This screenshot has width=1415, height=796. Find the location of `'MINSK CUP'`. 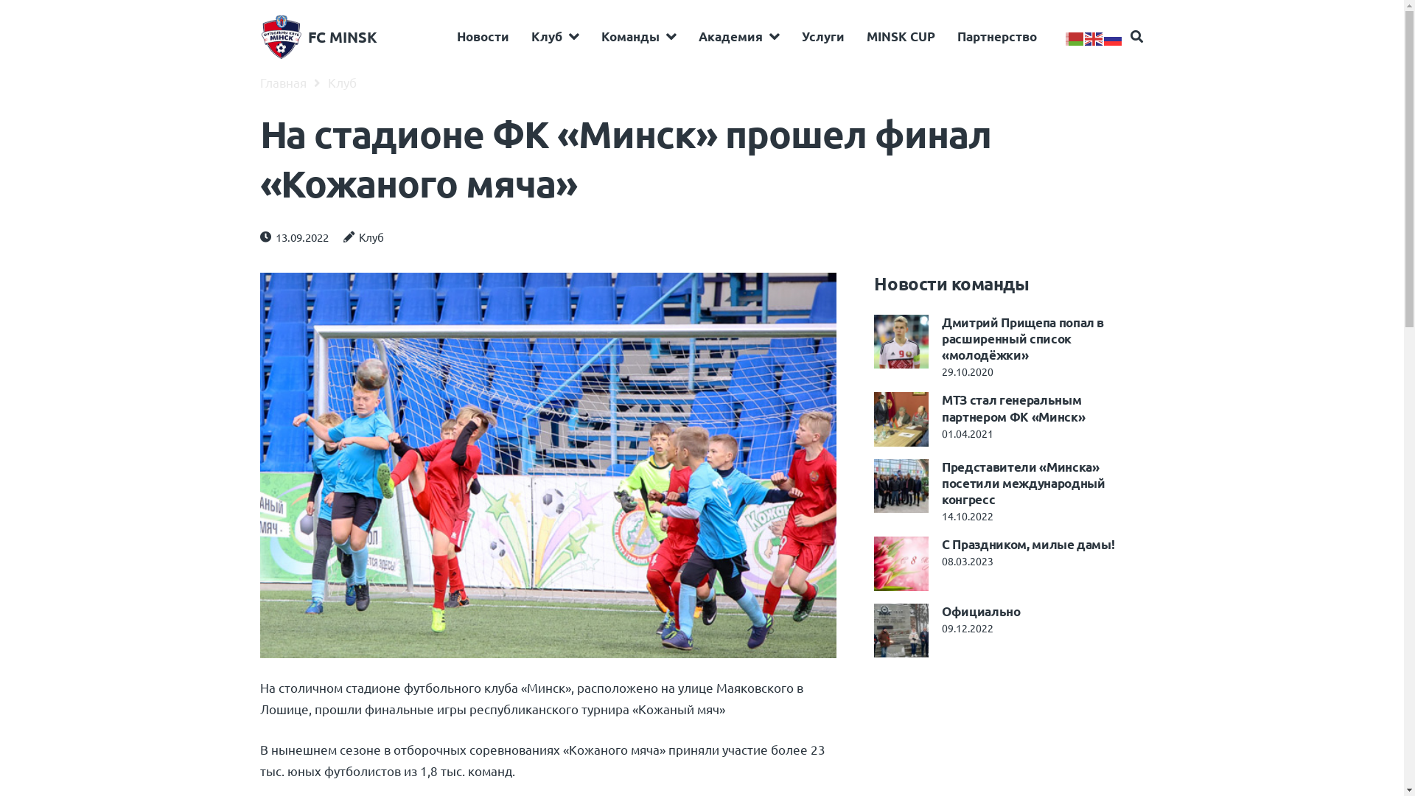

'MINSK CUP' is located at coordinates (900, 36).